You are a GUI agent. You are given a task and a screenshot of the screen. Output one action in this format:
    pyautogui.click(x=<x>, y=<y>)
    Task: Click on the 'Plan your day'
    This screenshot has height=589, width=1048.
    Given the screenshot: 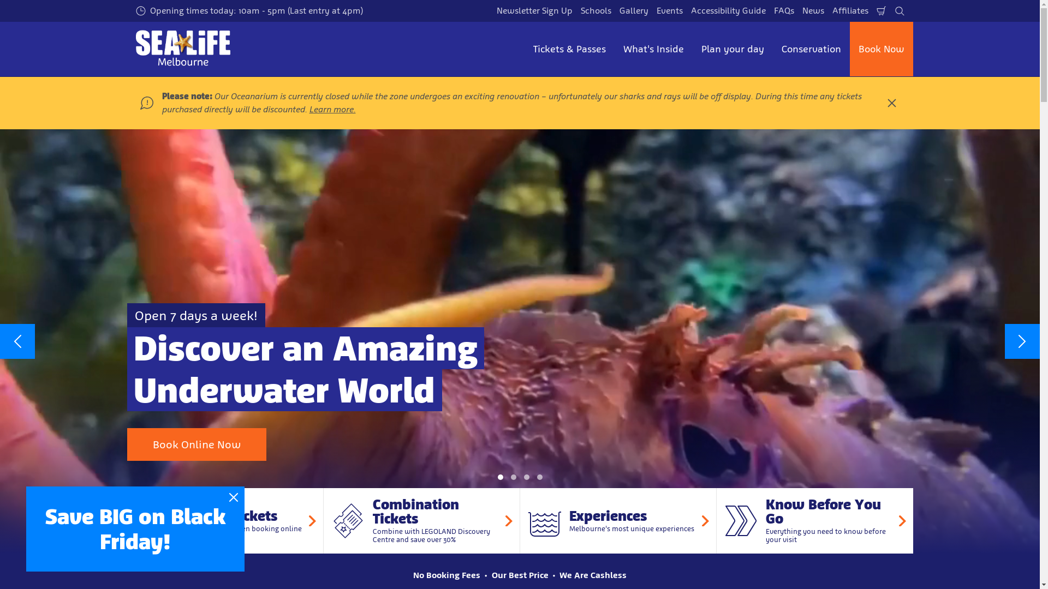 What is the action you would take?
    pyautogui.click(x=691, y=48)
    